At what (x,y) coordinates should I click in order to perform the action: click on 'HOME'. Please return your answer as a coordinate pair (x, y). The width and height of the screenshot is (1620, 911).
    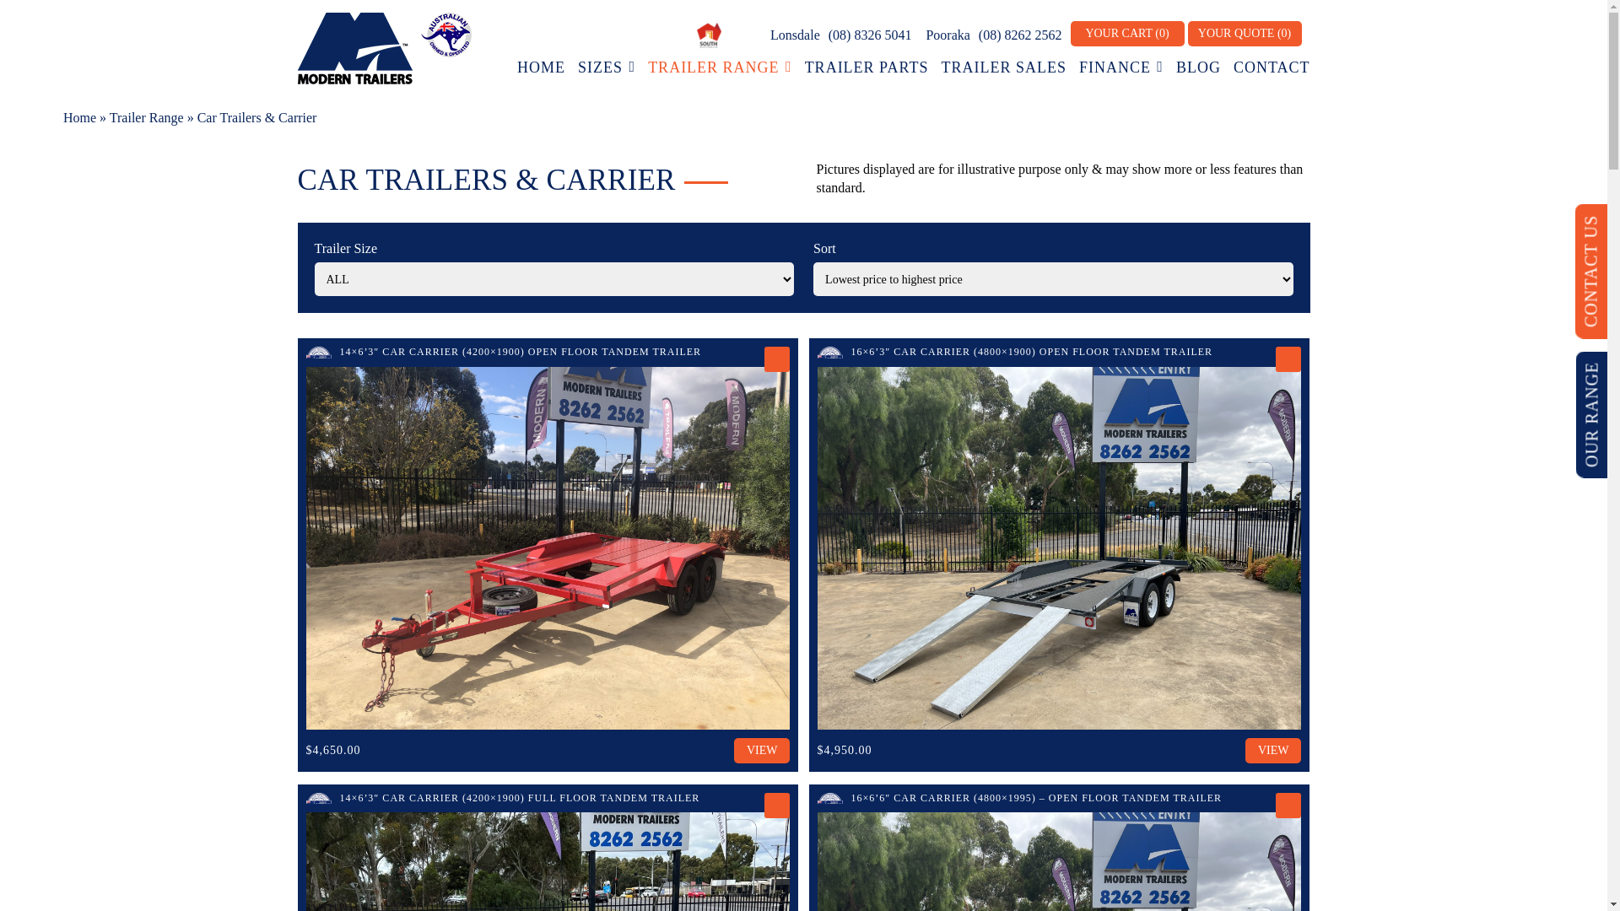
    Looking at the image, I should click on (541, 67).